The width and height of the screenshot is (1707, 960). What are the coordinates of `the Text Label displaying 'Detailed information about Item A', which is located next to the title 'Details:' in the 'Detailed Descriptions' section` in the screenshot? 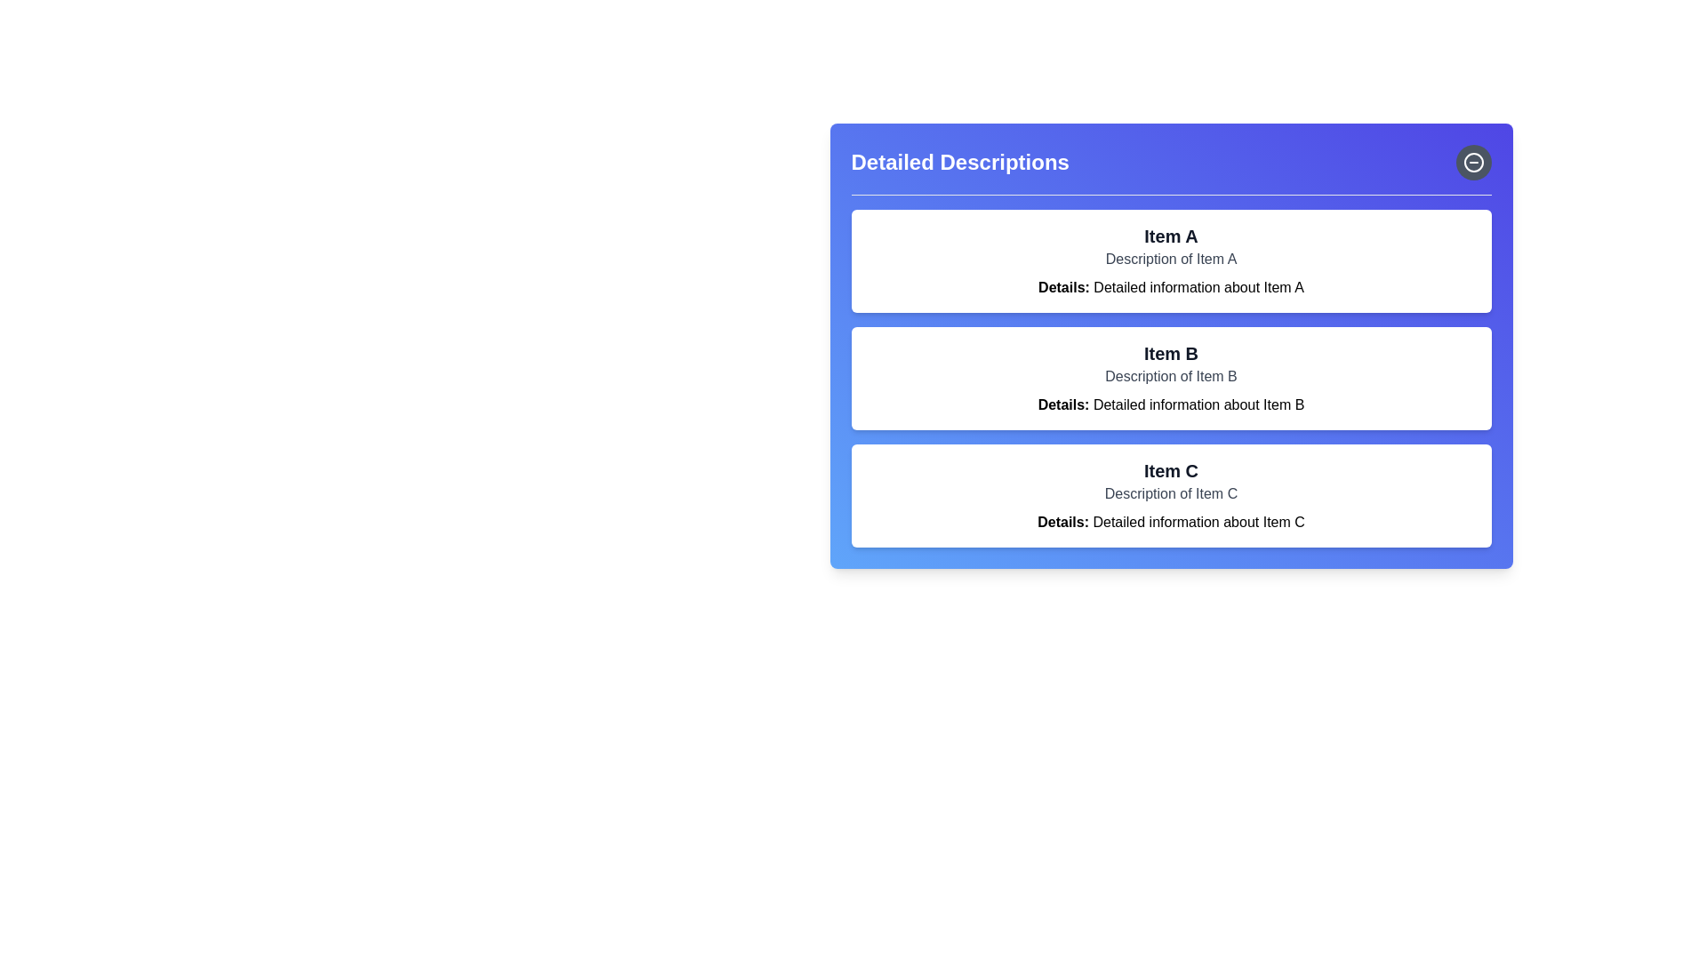 It's located at (1198, 286).